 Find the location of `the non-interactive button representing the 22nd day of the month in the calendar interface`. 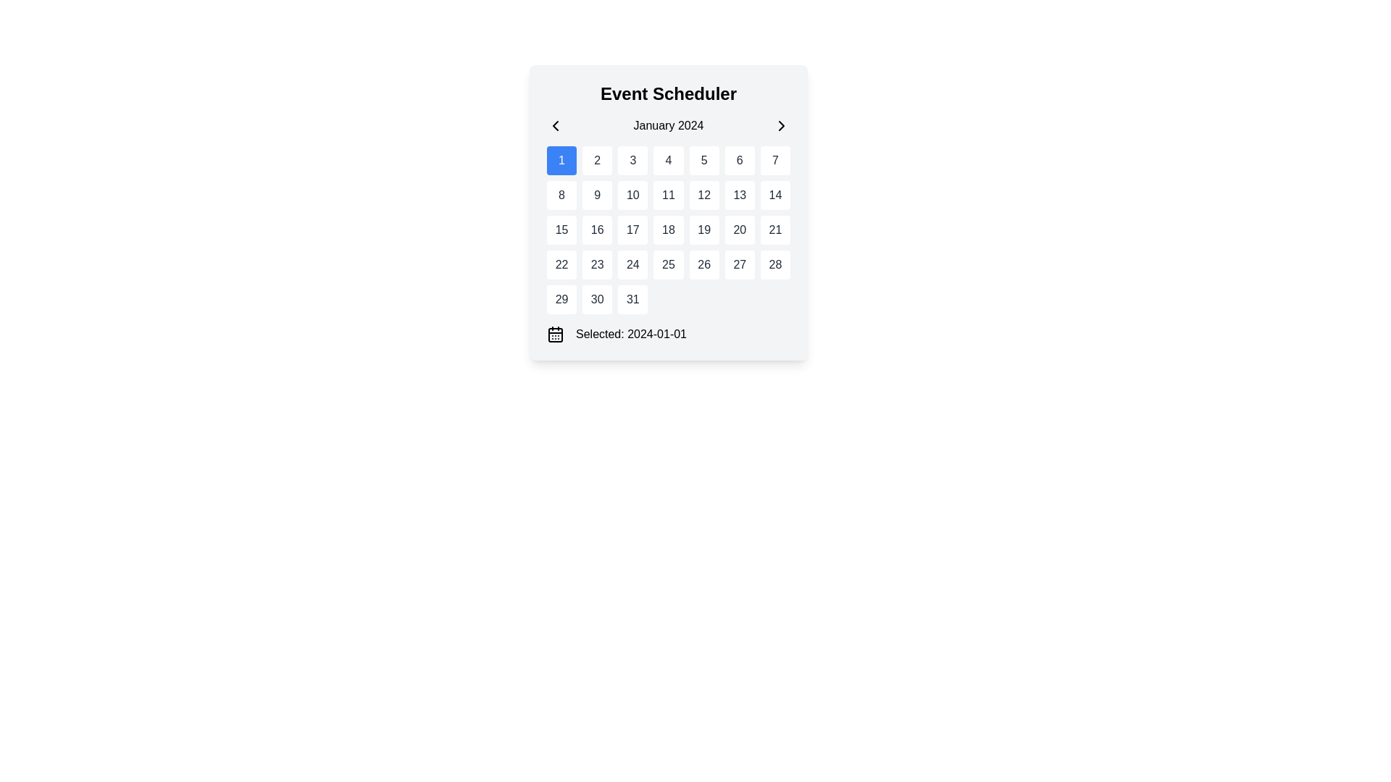

the non-interactive button representing the 22nd day of the month in the calendar interface is located at coordinates (561, 265).